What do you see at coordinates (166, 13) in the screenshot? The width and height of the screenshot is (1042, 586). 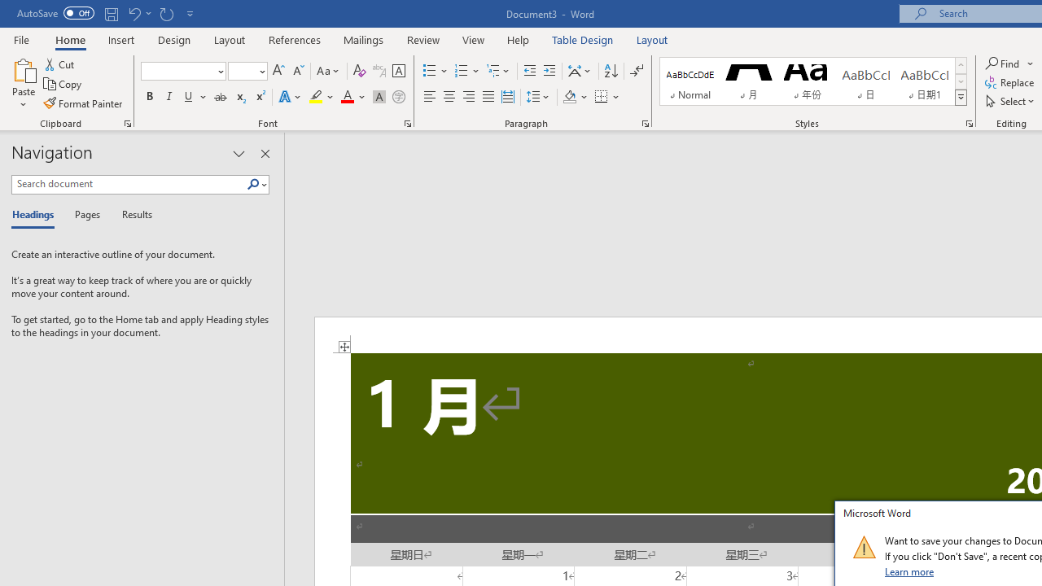 I see `'Repeat Style'` at bounding box center [166, 13].